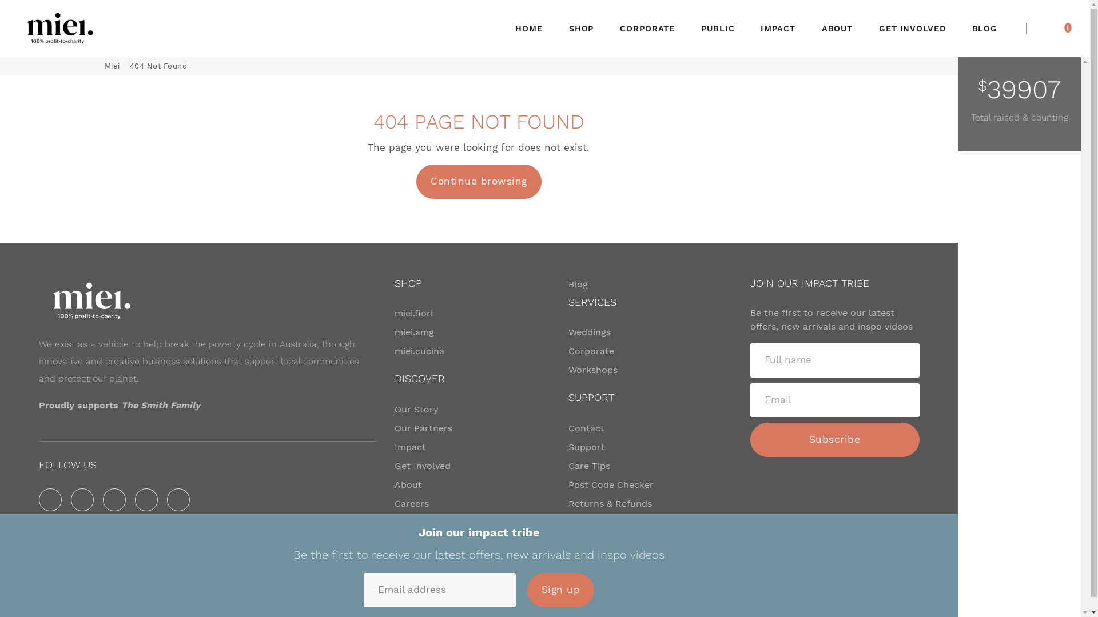  Describe the element at coordinates (1067, 26) in the screenshot. I see `'0` at that location.